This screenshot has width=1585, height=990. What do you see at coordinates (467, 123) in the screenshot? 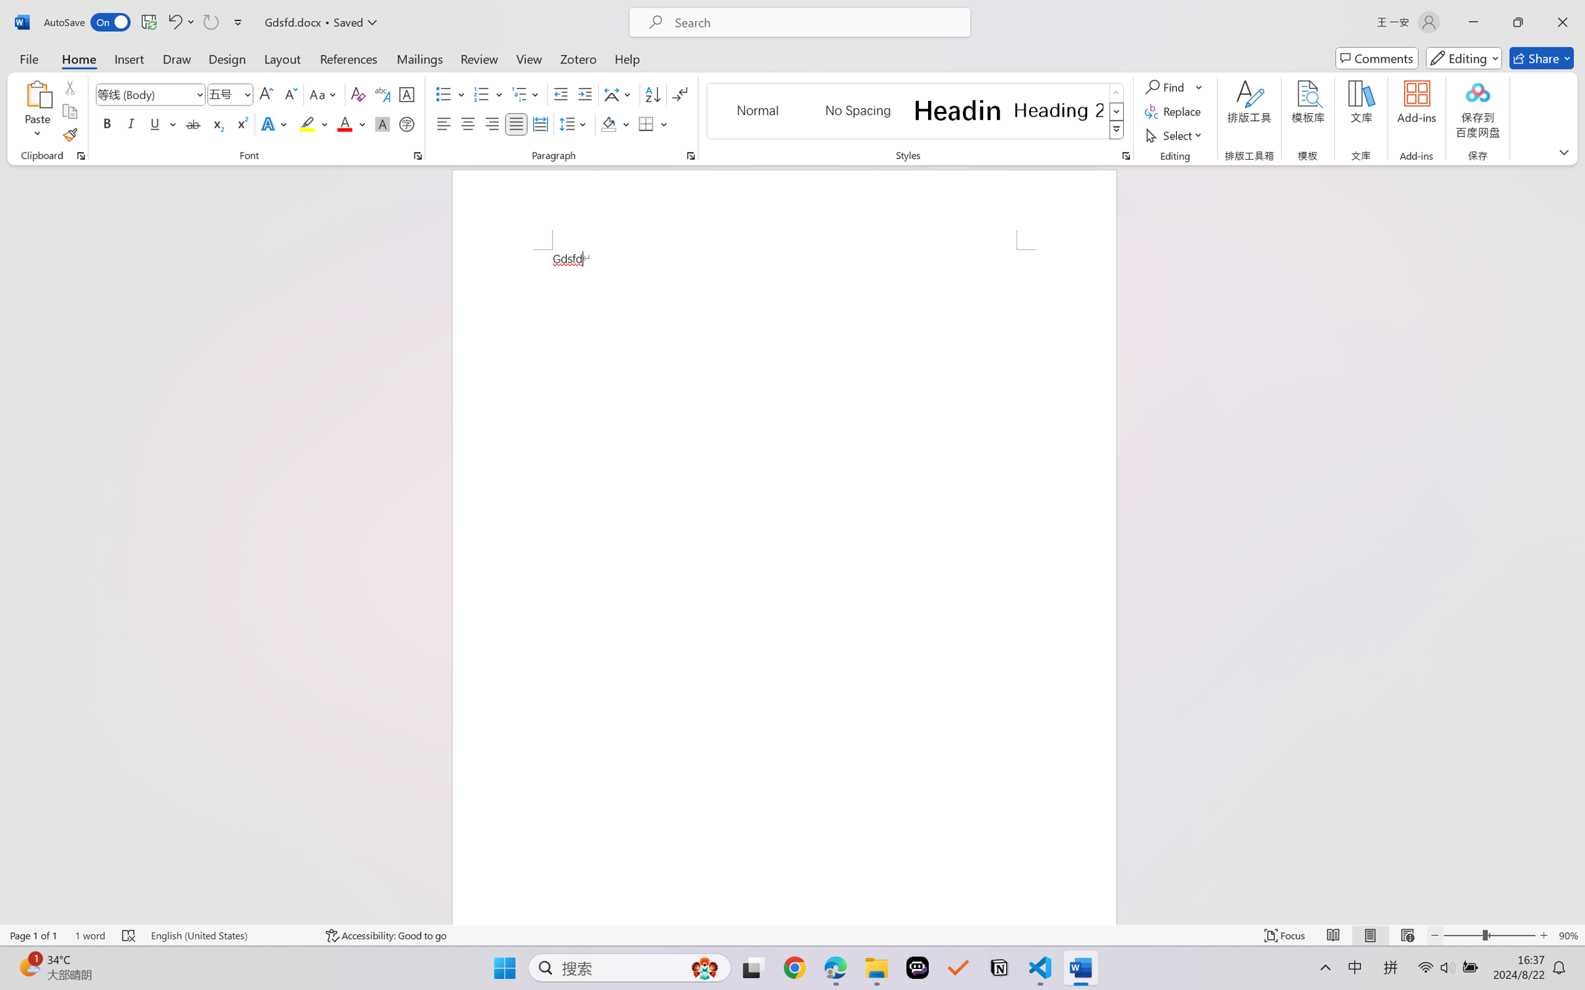
I see `'Center'` at bounding box center [467, 123].